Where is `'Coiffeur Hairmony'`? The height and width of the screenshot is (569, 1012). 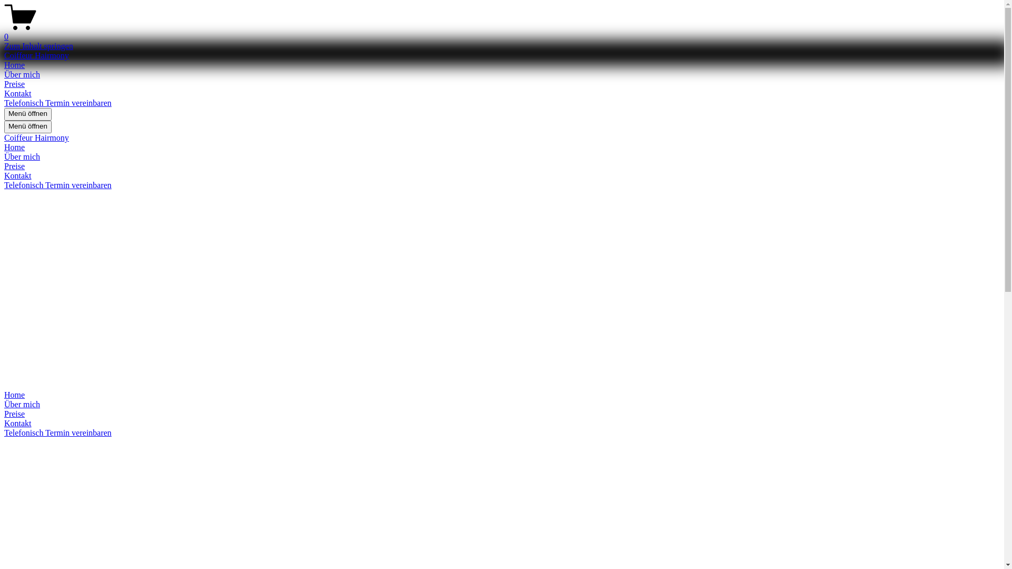
'Coiffeur Hairmony' is located at coordinates (36, 137).